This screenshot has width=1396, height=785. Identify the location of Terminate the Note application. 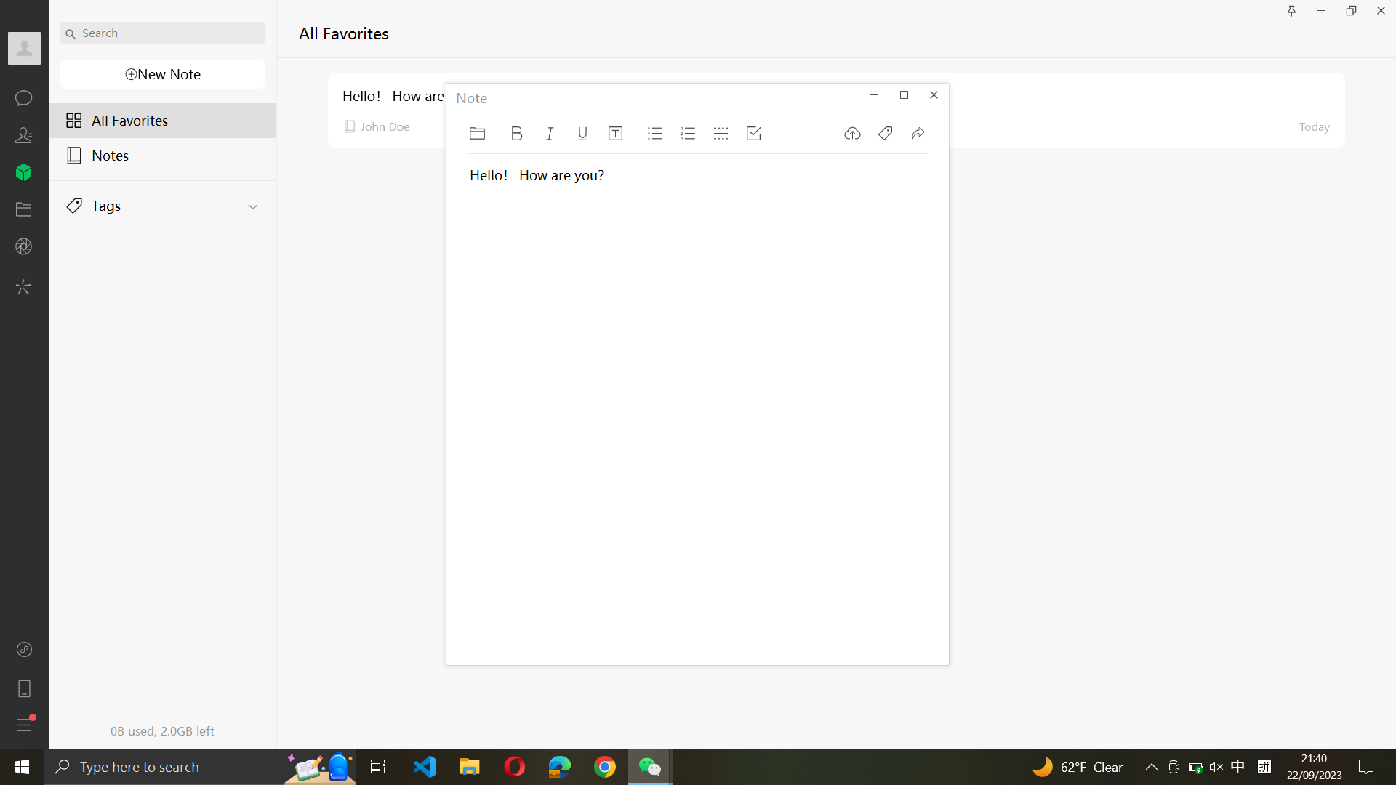
(934, 95).